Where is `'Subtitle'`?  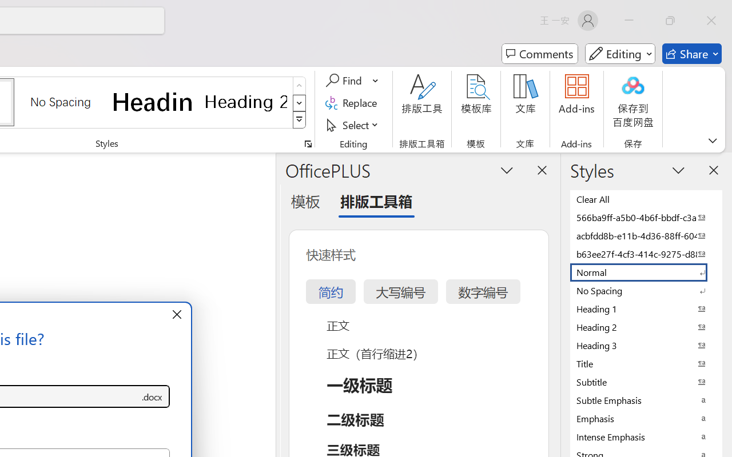
'Subtitle' is located at coordinates (646, 382).